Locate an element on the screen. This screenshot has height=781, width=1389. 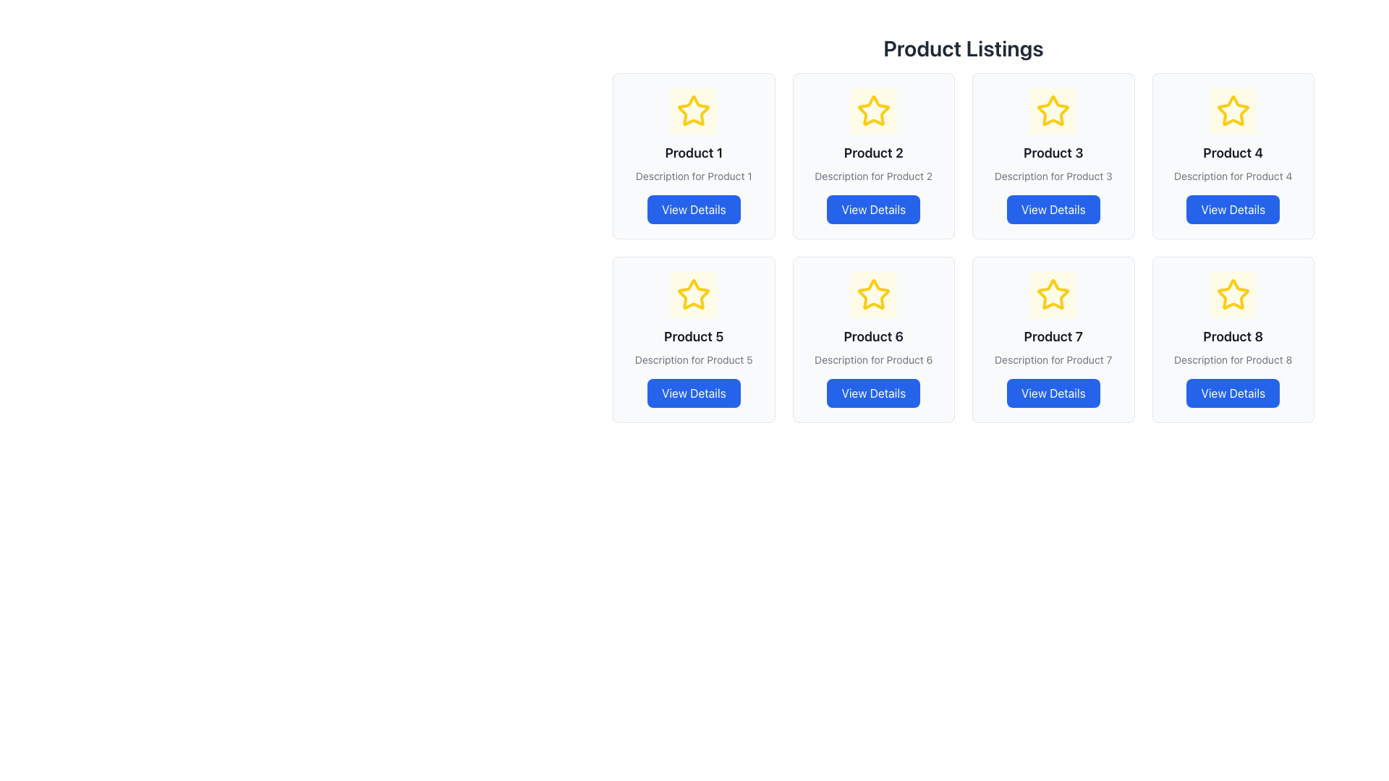
the centered text element styled in a small, gray font containing the text 'Description for Product 6', located below the title 'Product 6' and above the button 'View Details' within the card of Product 6 is located at coordinates (872, 359).